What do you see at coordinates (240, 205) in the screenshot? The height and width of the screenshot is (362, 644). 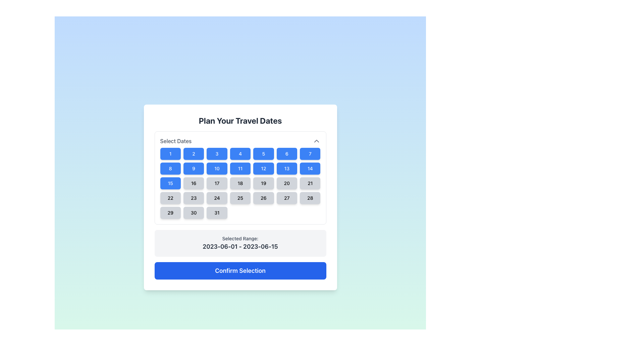 I see `a date in the Calendar picker located below the title 'Plan Your Travel Dates' and above the 'Confirm Selection' button` at bounding box center [240, 205].